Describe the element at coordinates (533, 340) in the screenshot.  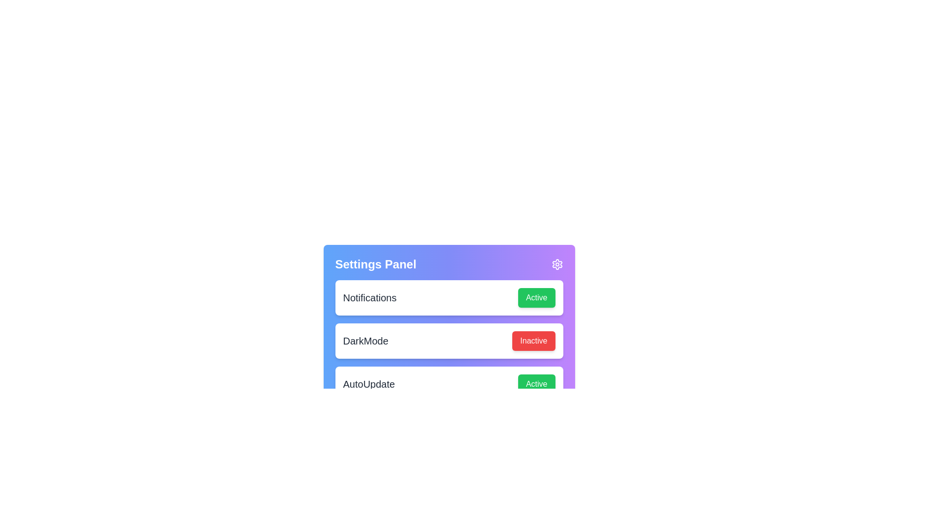
I see `the button labeled Inactive (DarkMode) to observe its hover effect` at that location.